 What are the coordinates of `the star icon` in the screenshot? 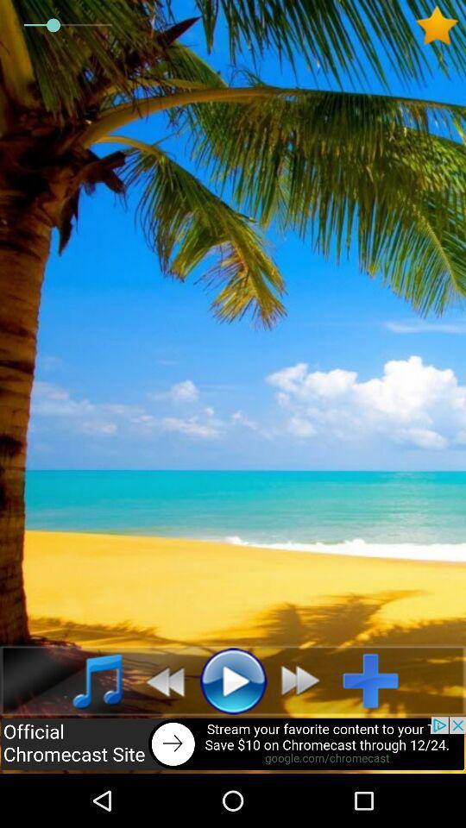 It's located at (440, 24).